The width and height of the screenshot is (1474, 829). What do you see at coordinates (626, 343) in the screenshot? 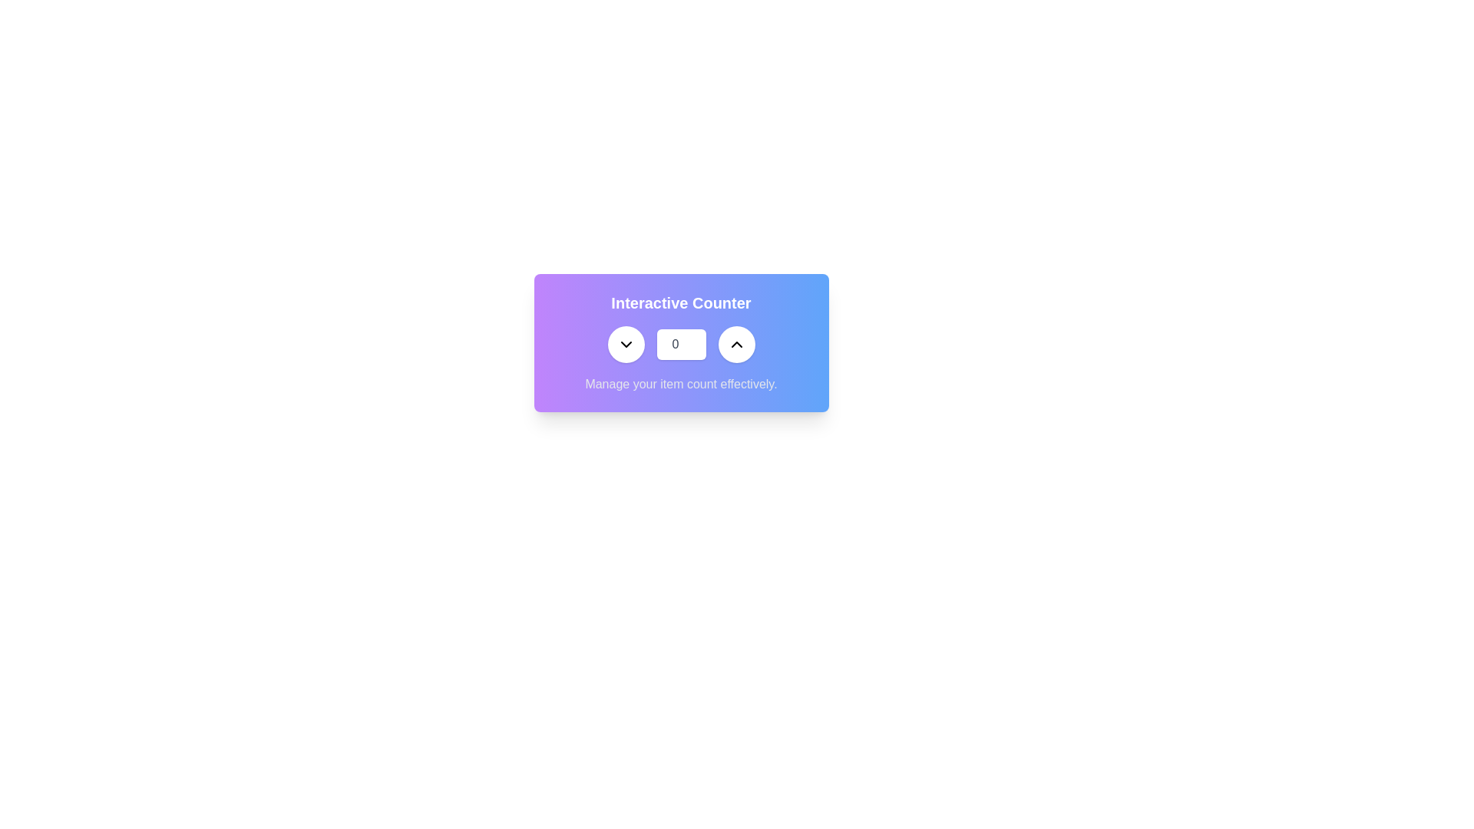
I see `the leftmost decrement button with a downward chevron to decrease the count or value` at bounding box center [626, 343].